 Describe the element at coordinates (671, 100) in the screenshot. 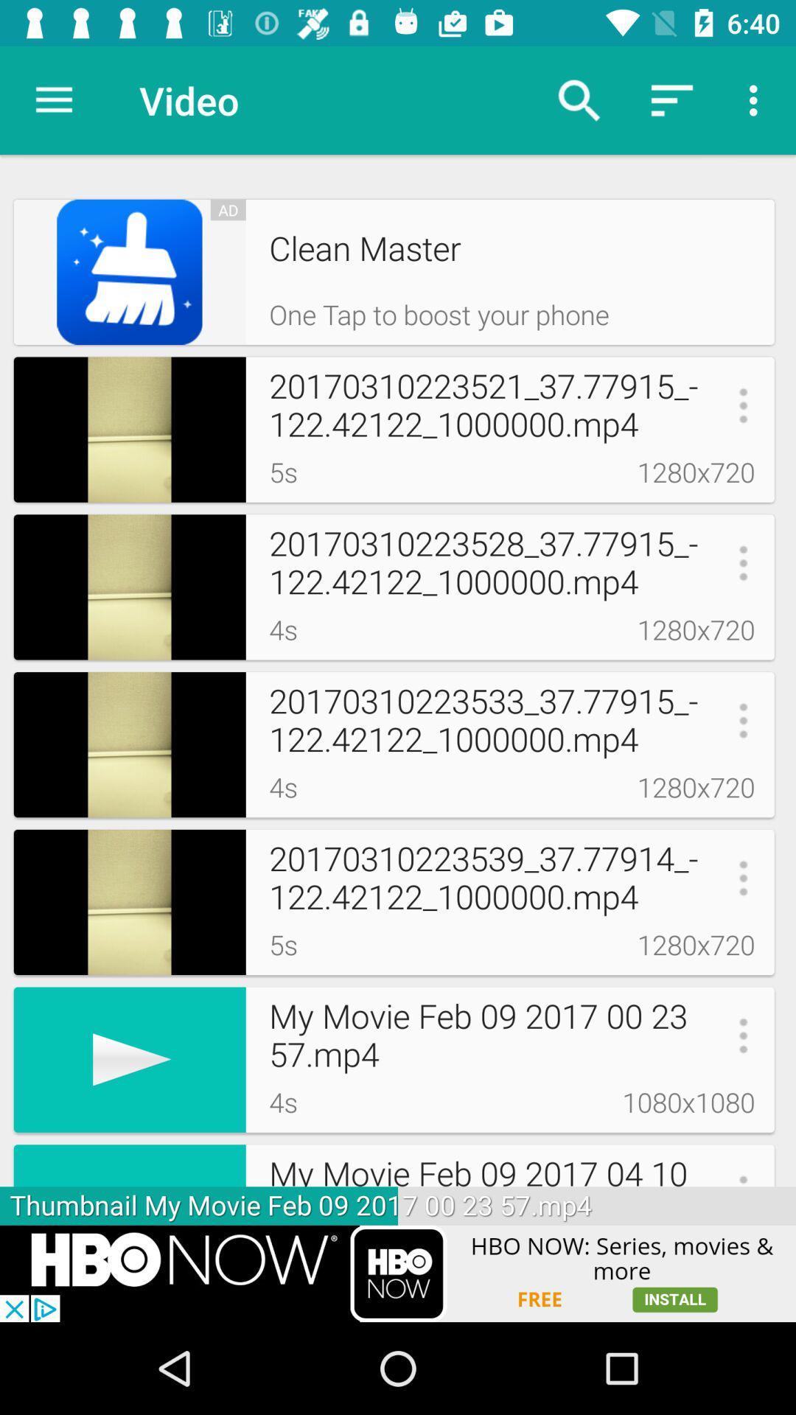

I see `top right side second botton` at that location.